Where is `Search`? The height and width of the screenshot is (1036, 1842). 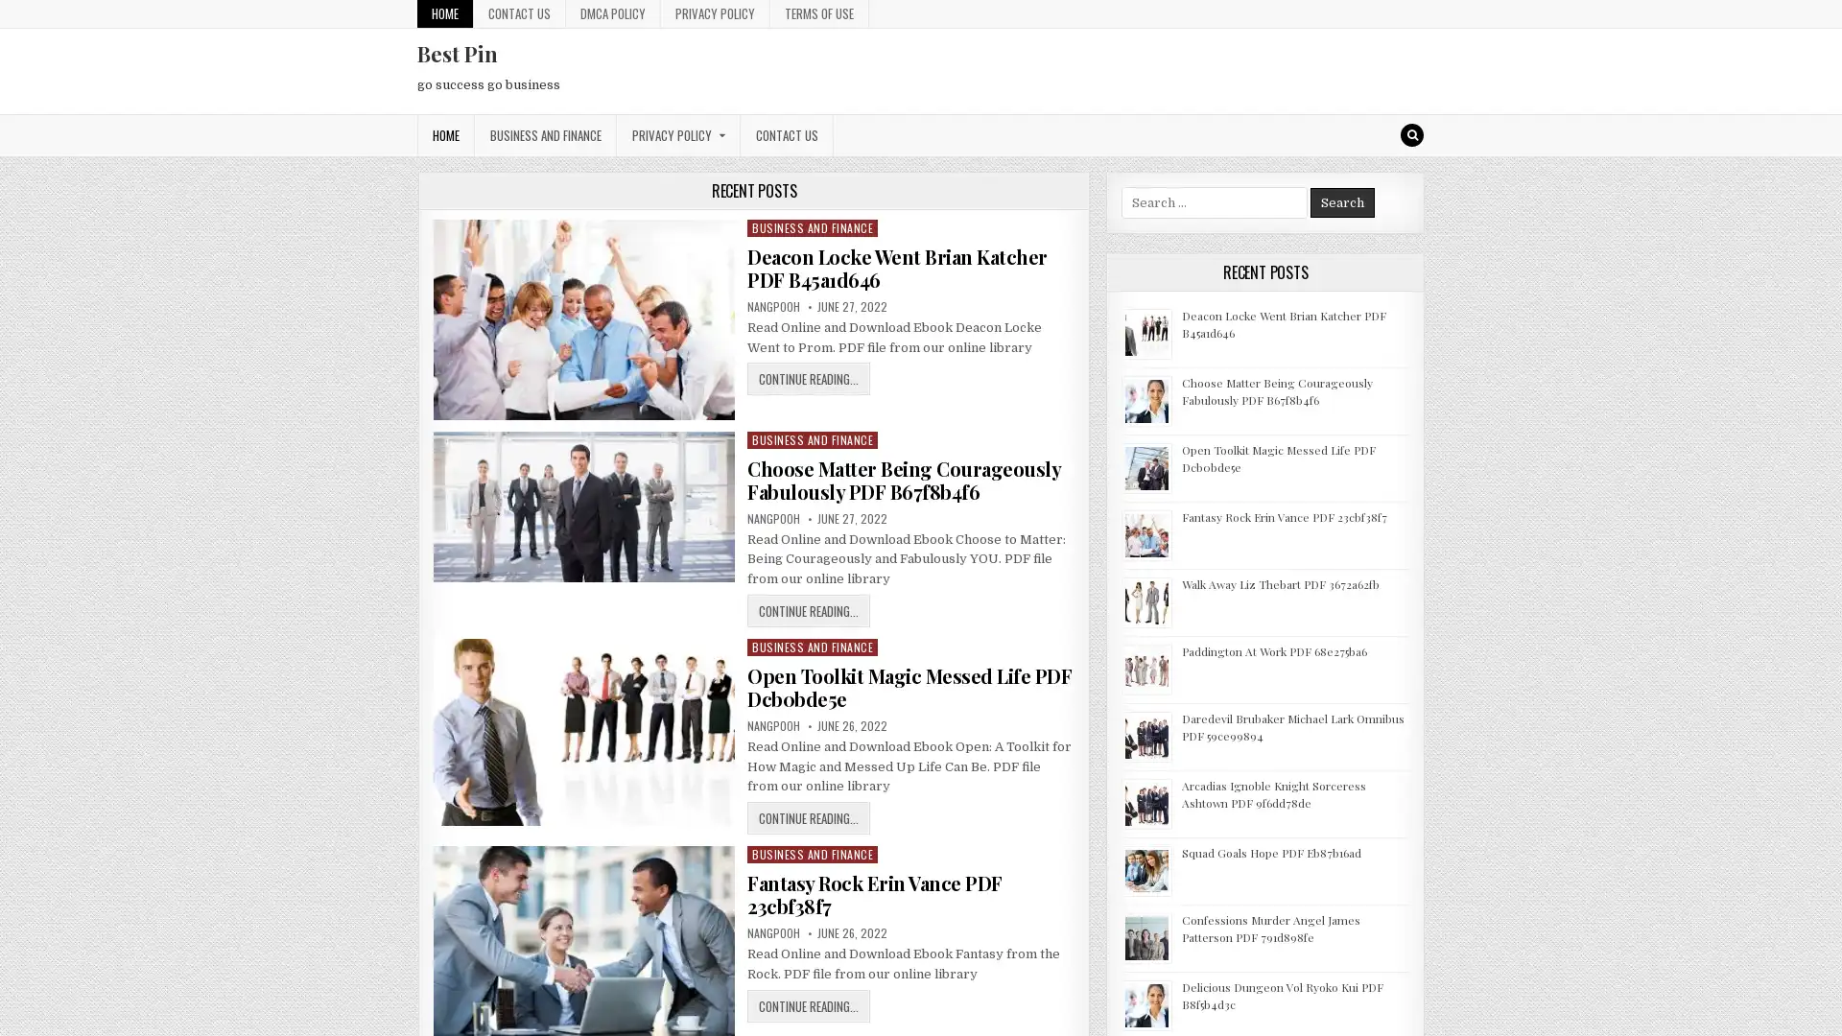 Search is located at coordinates (1341, 202).